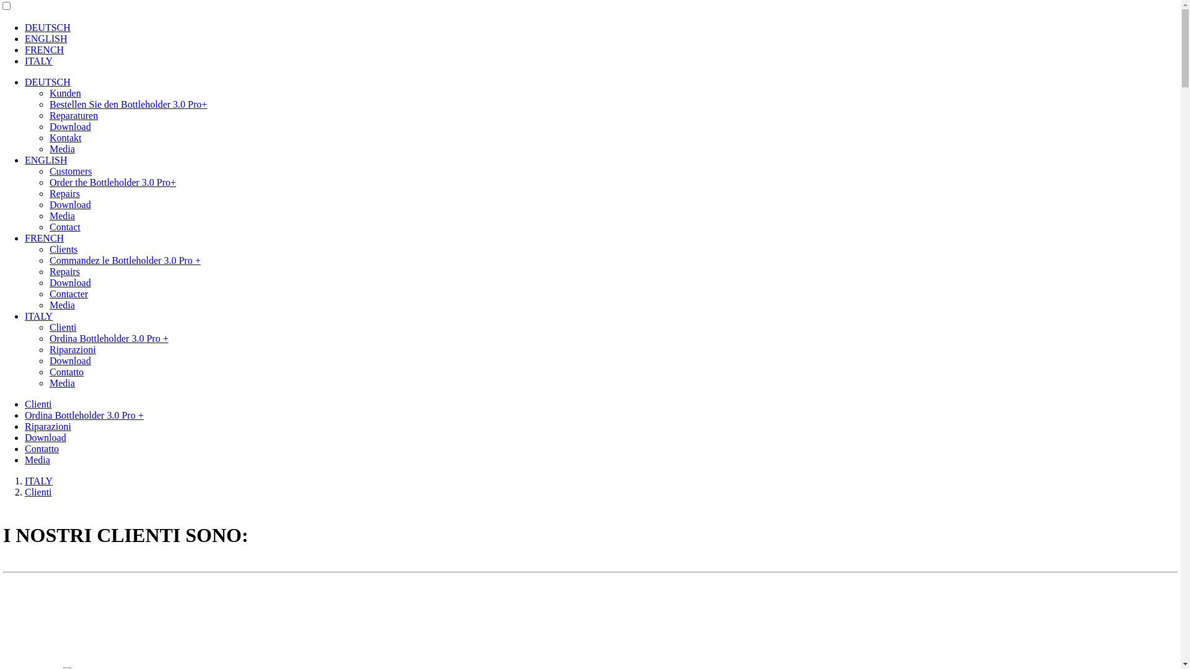  Describe the element at coordinates (72, 349) in the screenshot. I see `'Riparazioni'` at that location.